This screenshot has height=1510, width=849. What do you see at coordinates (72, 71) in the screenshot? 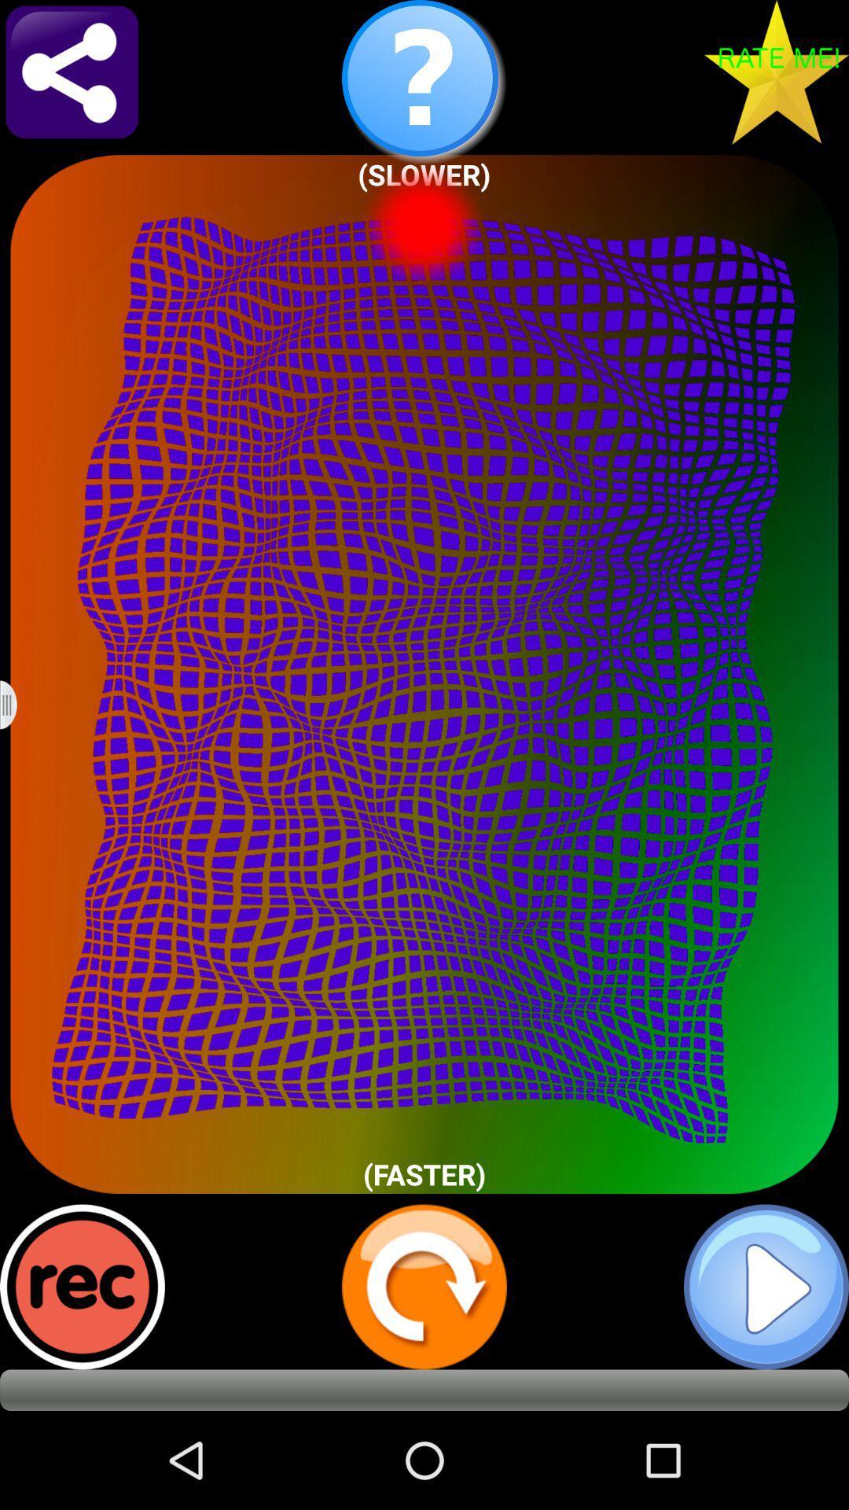
I see `share option` at bounding box center [72, 71].